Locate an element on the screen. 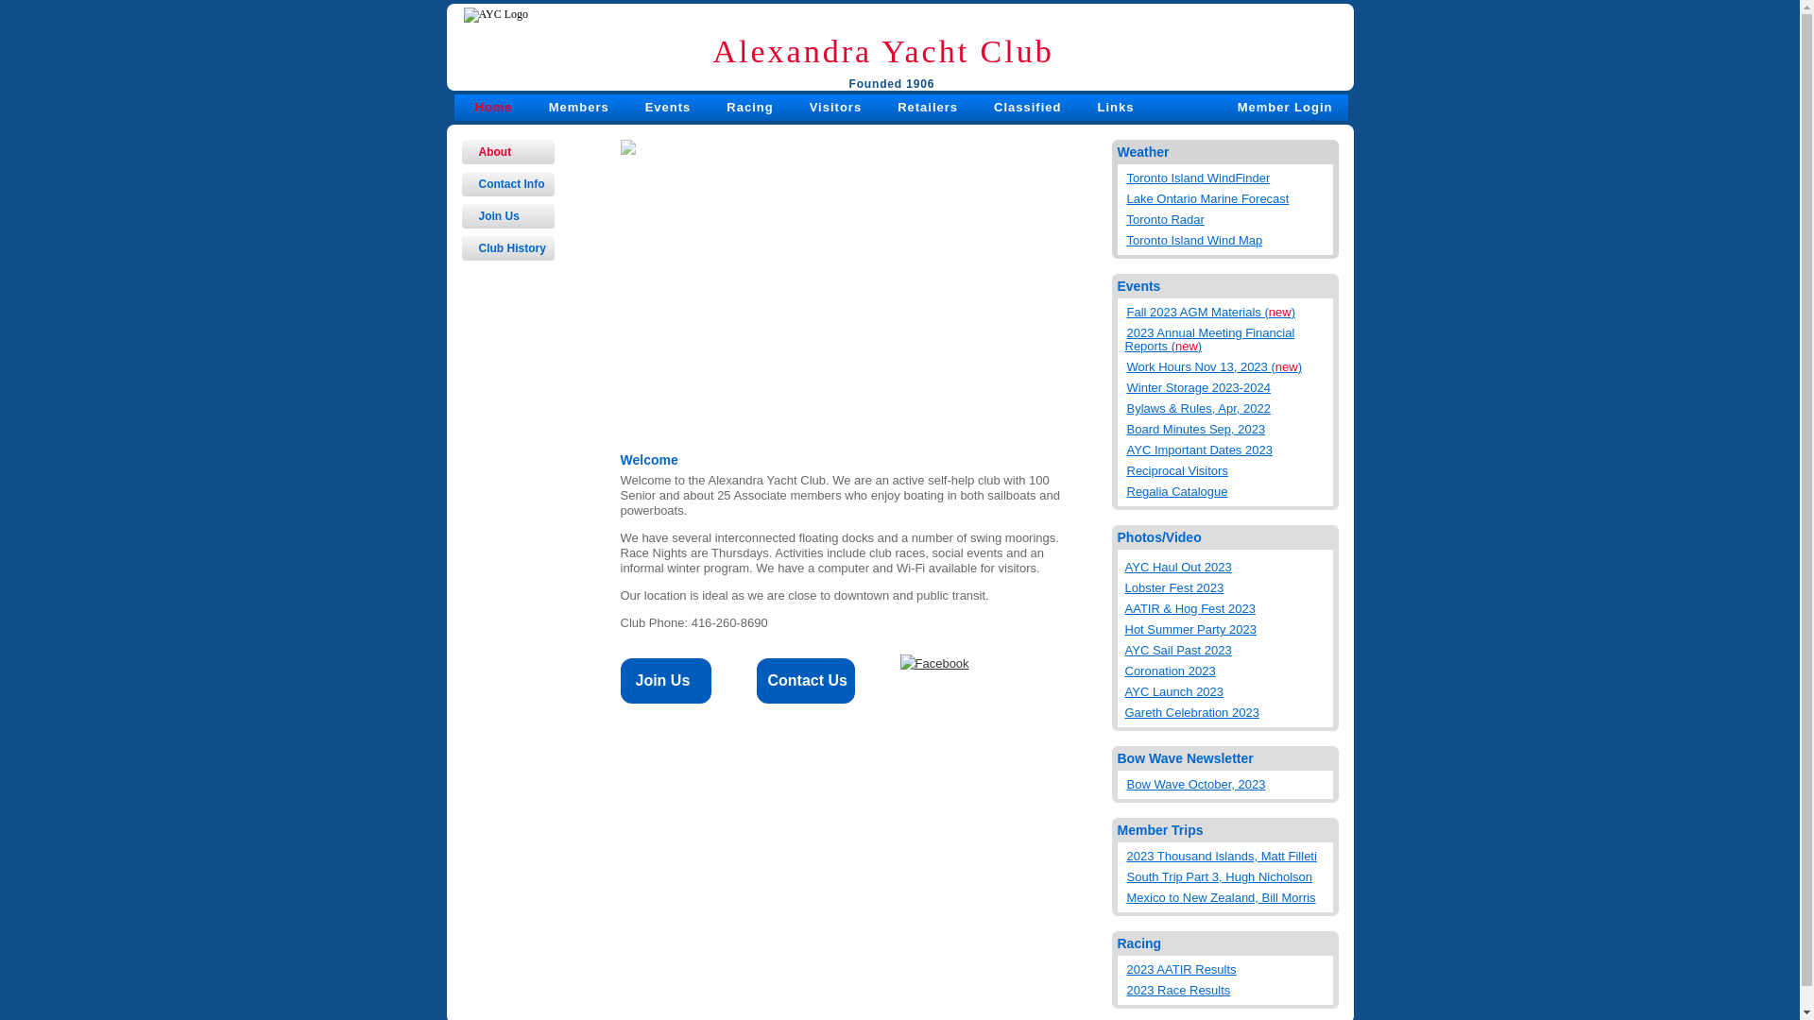 Image resolution: width=1814 pixels, height=1020 pixels. 'Join Us' is located at coordinates (507, 214).